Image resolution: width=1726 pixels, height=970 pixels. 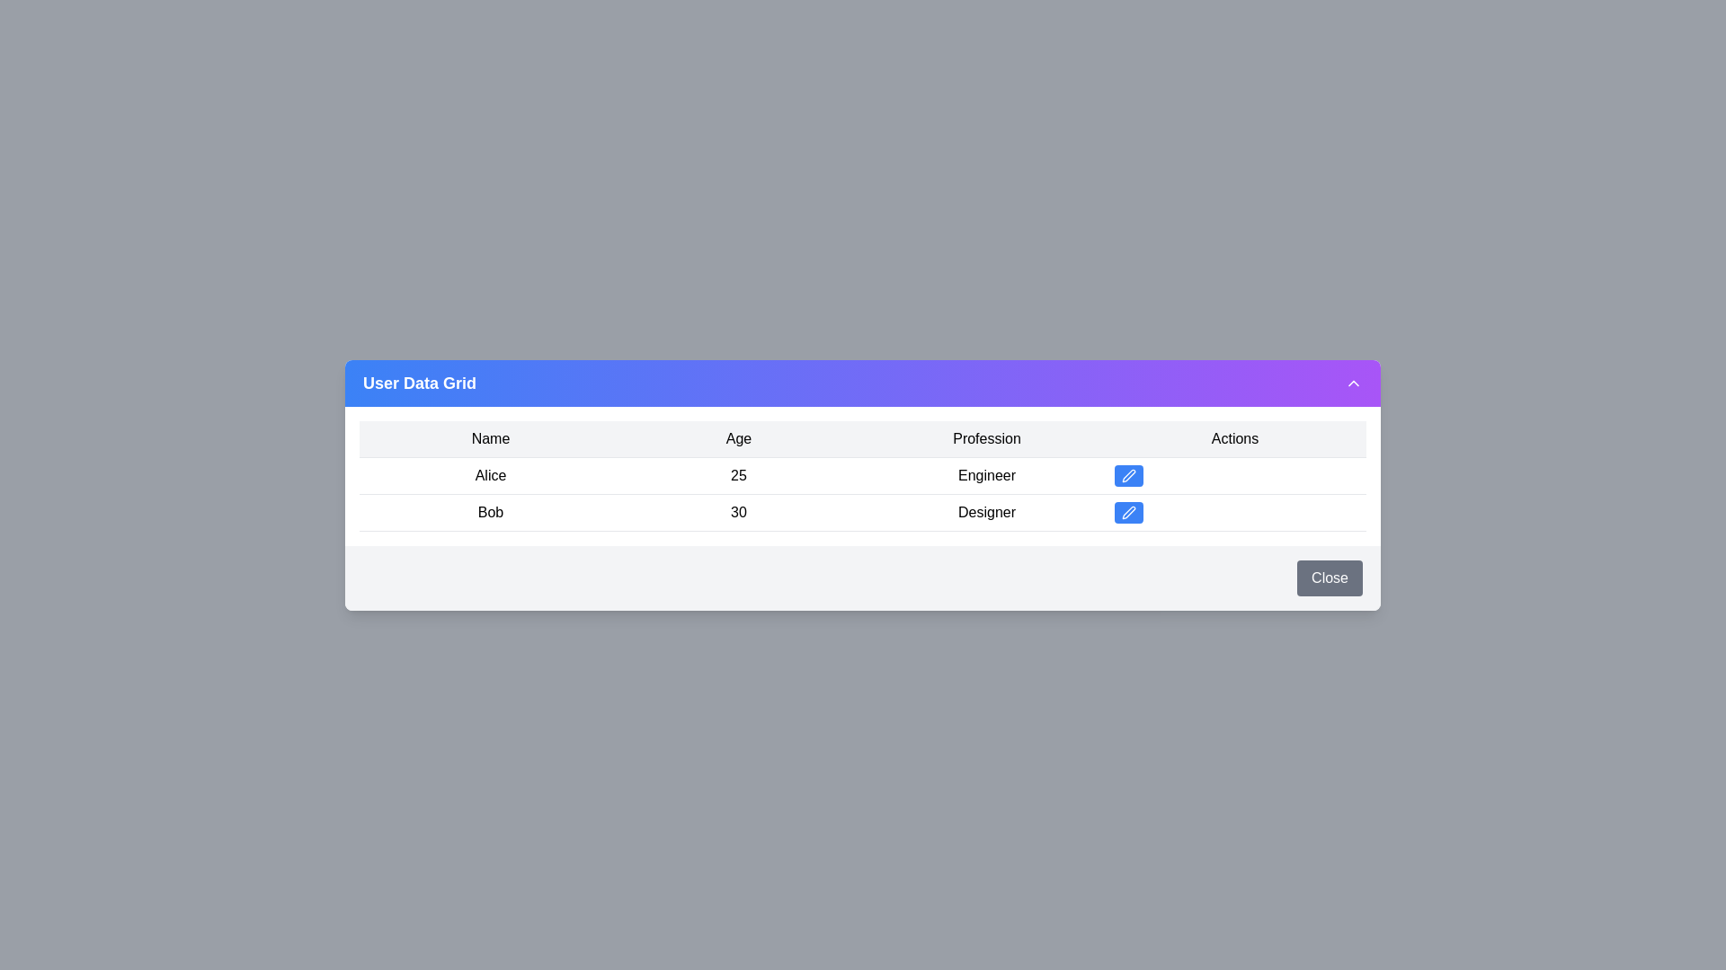 I want to click on the static text label indicating 'User Data Grid', which serves as a title for the section below, so click(x=418, y=382).